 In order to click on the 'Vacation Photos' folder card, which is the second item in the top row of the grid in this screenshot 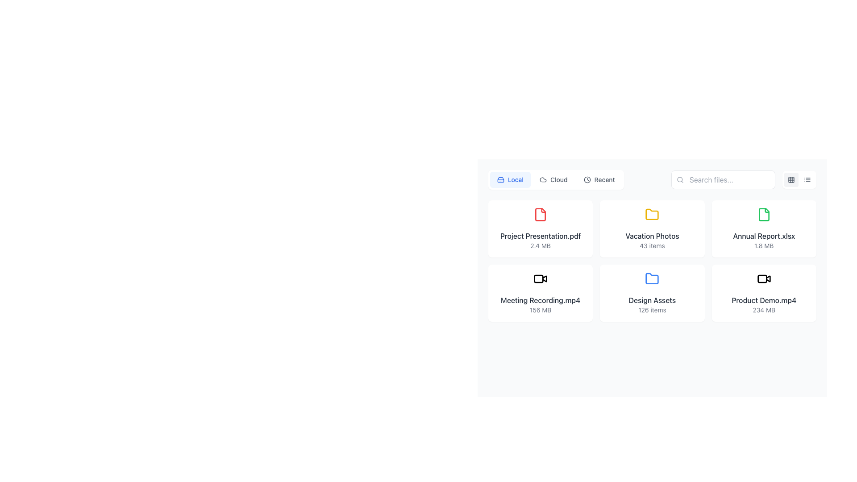, I will do `click(652, 229)`.